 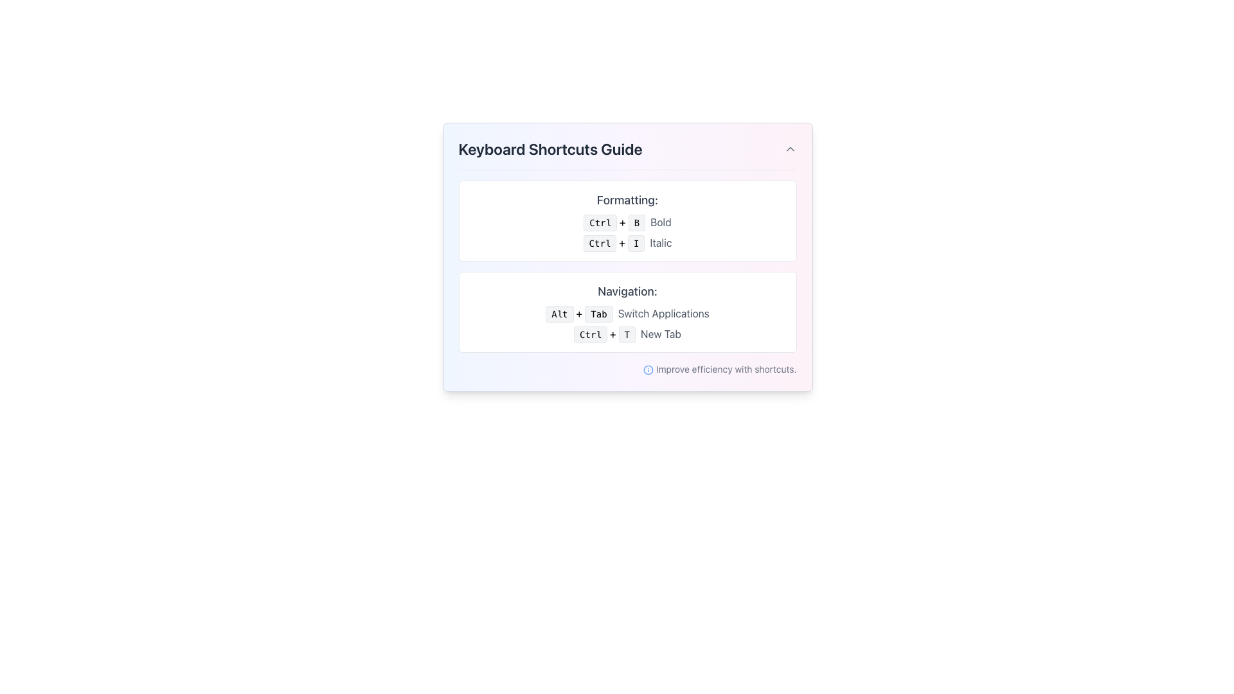 I want to click on the Button-Like Label representing the 'Alt' key in the 'Navigation' section of the 'Keyboard Shortcuts Guide' panel, so click(x=559, y=314).